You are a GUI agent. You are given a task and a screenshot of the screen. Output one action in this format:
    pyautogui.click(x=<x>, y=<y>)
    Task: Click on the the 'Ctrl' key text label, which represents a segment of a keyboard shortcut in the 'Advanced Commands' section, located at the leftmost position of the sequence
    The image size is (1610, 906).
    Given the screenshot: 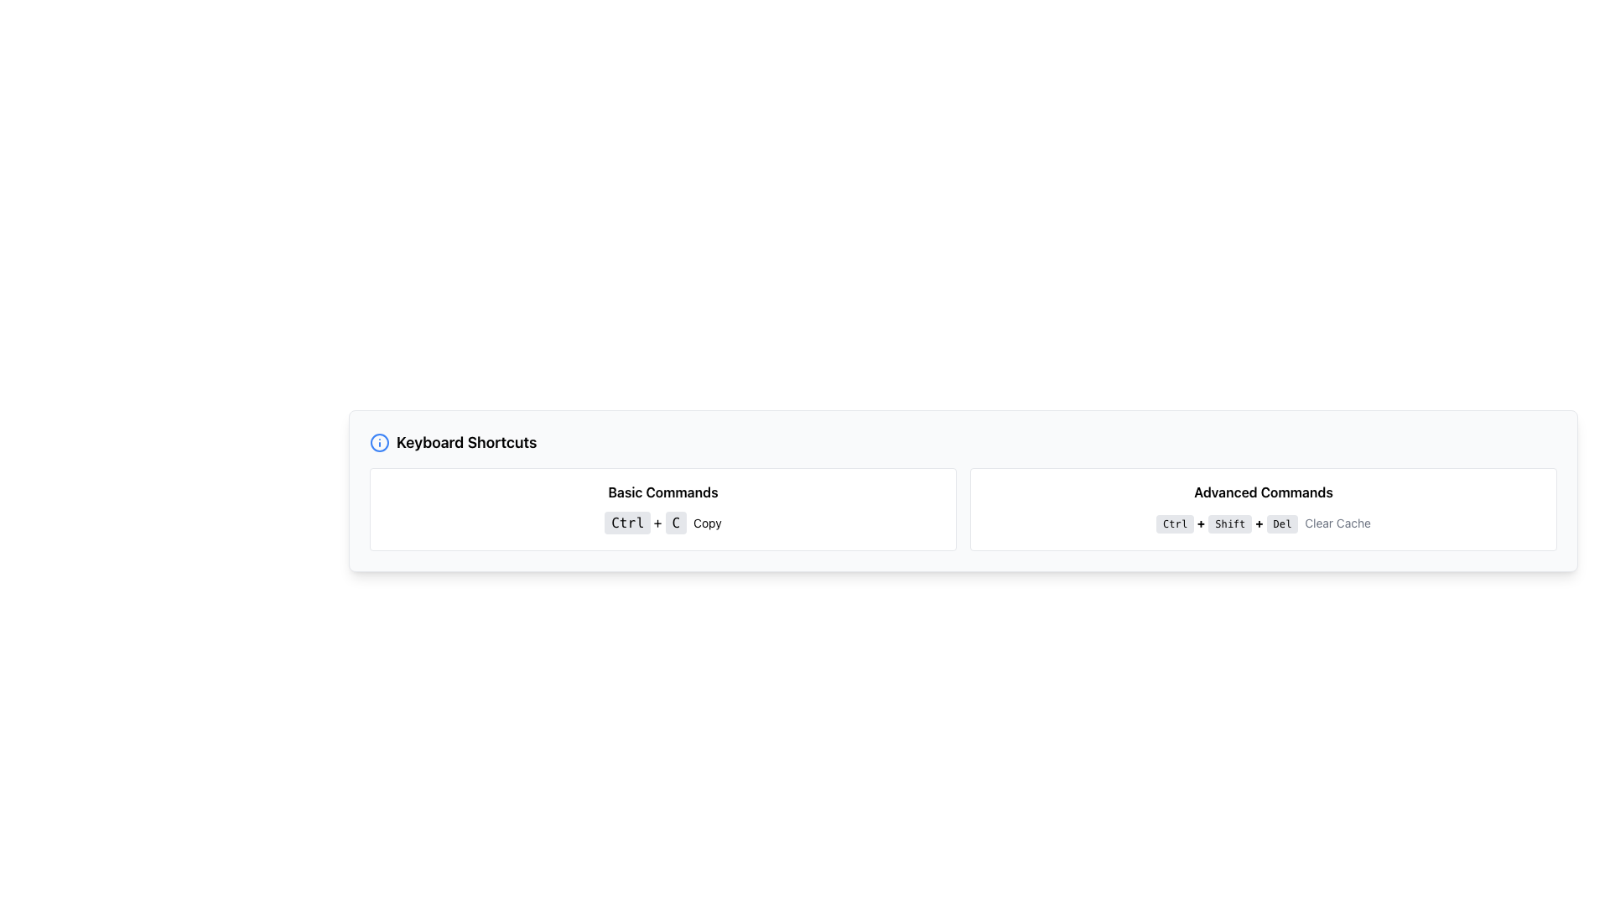 What is the action you would take?
    pyautogui.click(x=1174, y=523)
    